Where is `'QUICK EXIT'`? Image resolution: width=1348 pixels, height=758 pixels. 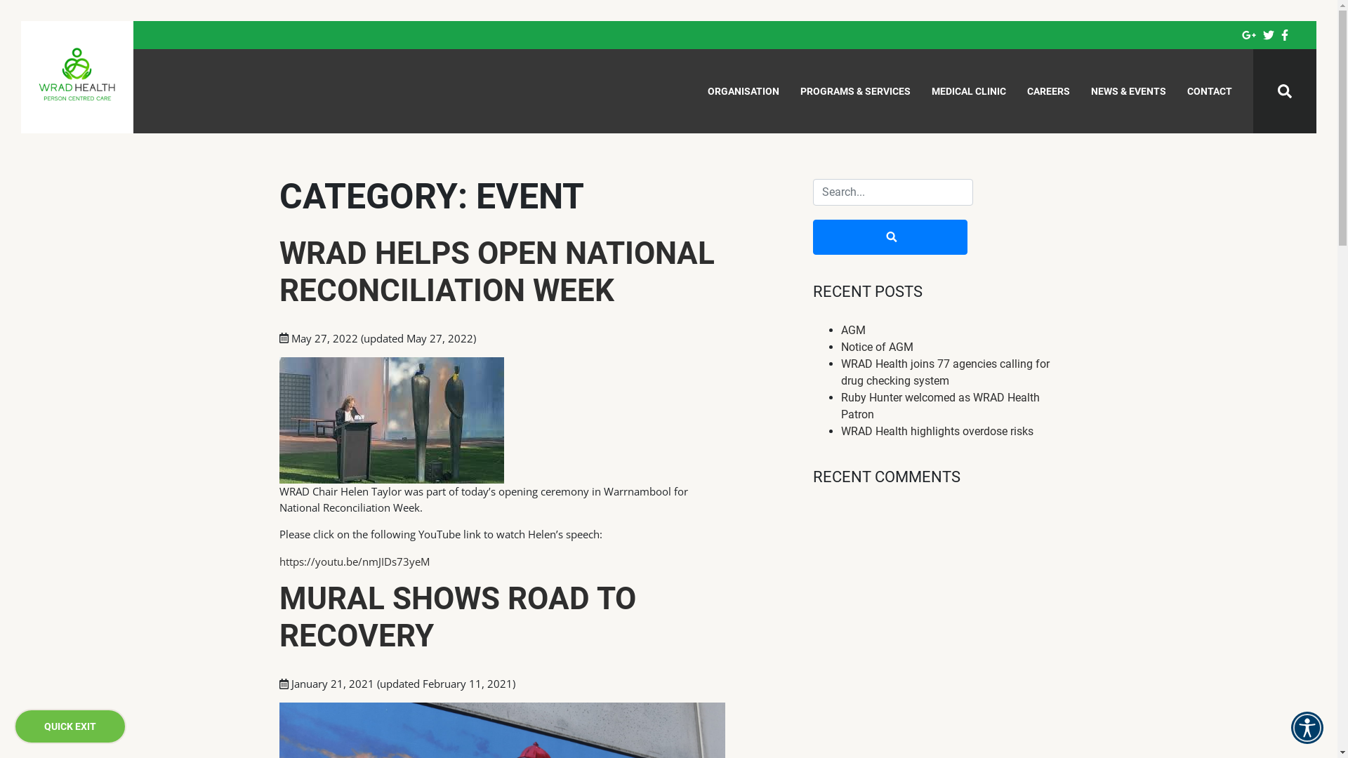 'QUICK EXIT' is located at coordinates (70, 725).